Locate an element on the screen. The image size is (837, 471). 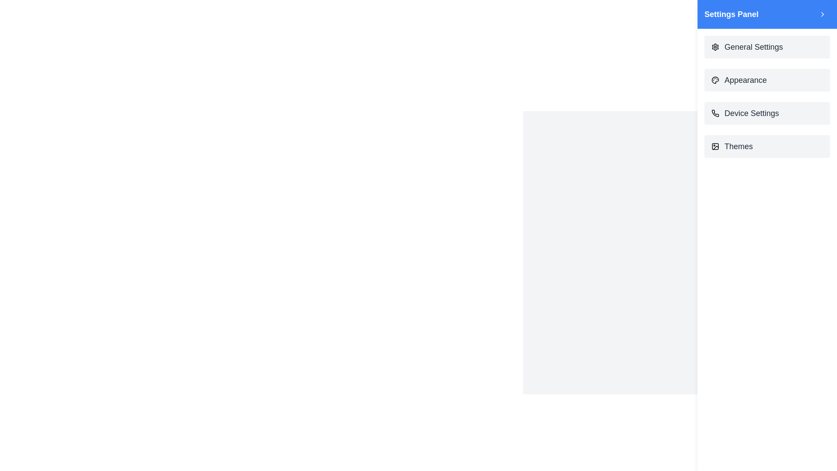
the 'General Settings' button, which is the topmost option in the settings panel, featuring a gear icon and light gray background that darkens on hover is located at coordinates (767, 47).